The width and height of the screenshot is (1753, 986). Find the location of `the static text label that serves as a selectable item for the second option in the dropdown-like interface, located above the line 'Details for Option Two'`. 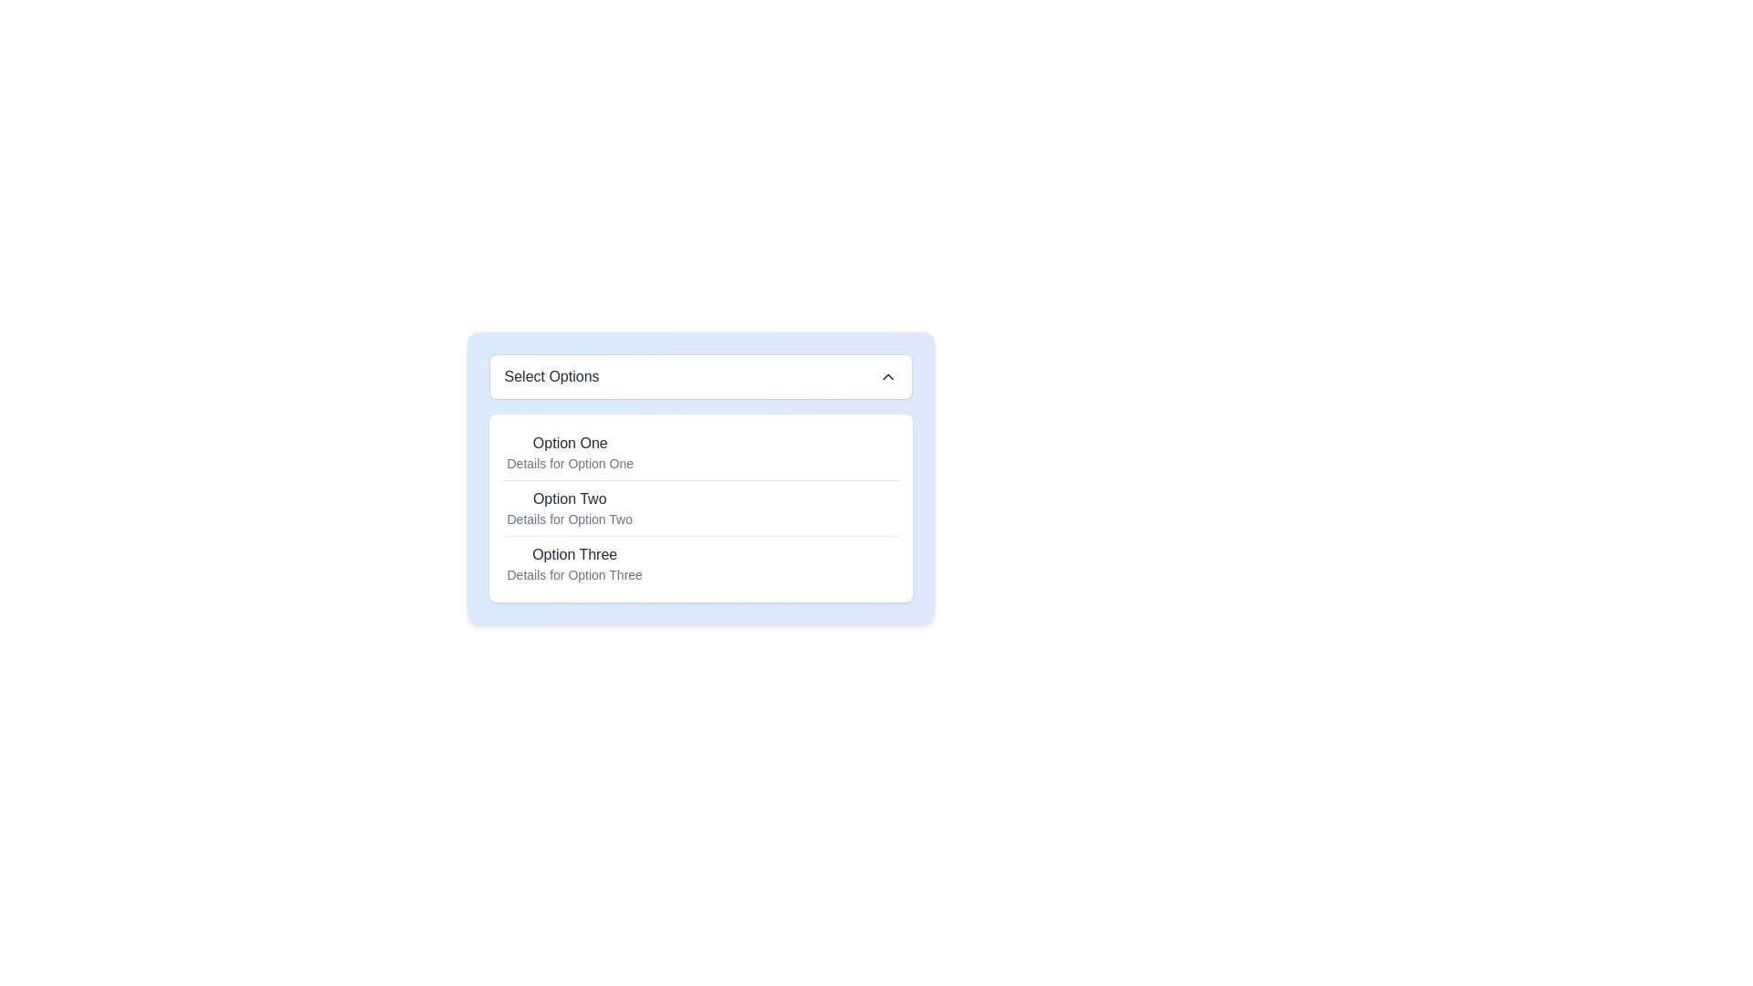

the static text label that serves as a selectable item for the second option in the dropdown-like interface, located above the line 'Details for Option Two' is located at coordinates (569, 499).